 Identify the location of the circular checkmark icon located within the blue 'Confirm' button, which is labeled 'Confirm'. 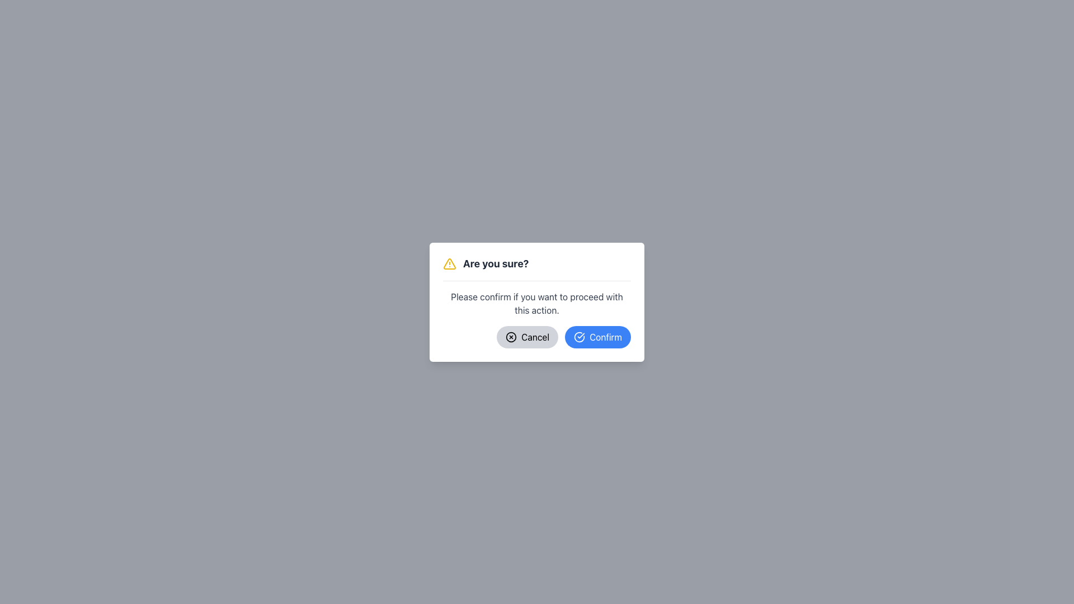
(580, 336).